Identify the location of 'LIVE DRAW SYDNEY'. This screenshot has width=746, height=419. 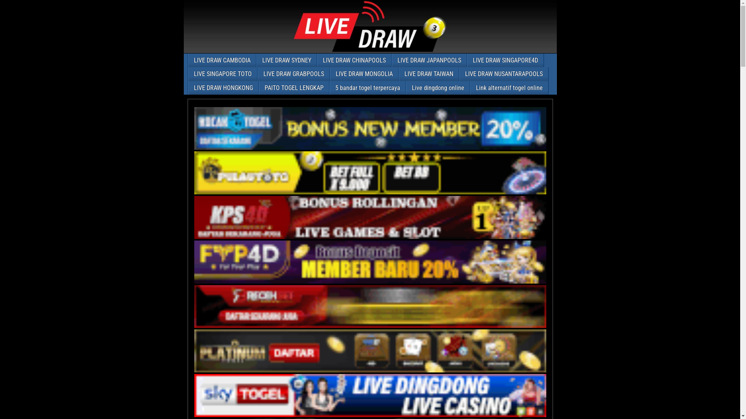
(286, 60).